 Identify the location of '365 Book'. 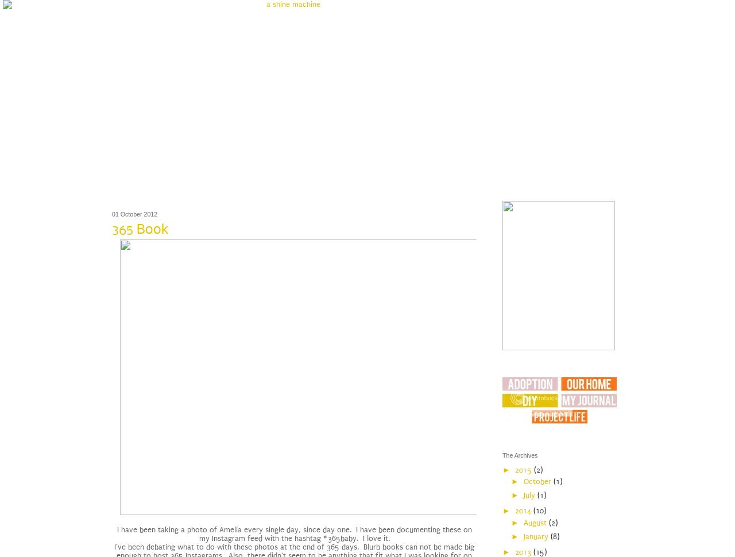
(140, 229).